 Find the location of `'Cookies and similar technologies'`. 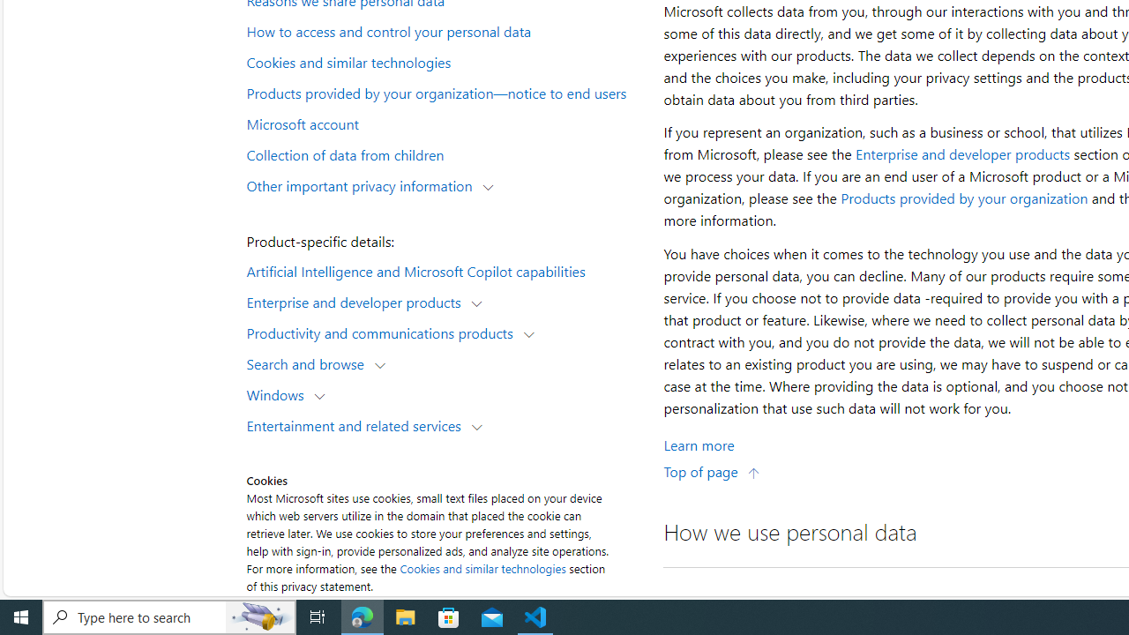

'Cookies and similar technologies' is located at coordinates (482, 568).